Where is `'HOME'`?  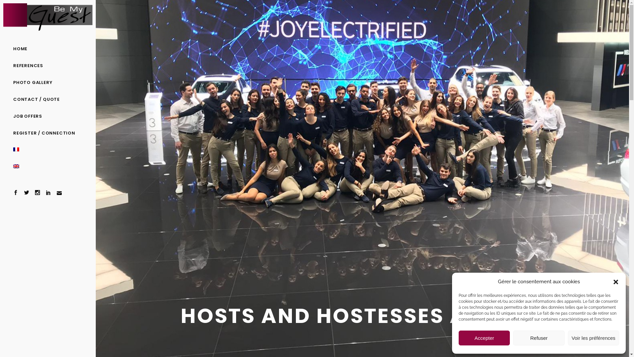
'HOME' is located at coordinates (47, 48).